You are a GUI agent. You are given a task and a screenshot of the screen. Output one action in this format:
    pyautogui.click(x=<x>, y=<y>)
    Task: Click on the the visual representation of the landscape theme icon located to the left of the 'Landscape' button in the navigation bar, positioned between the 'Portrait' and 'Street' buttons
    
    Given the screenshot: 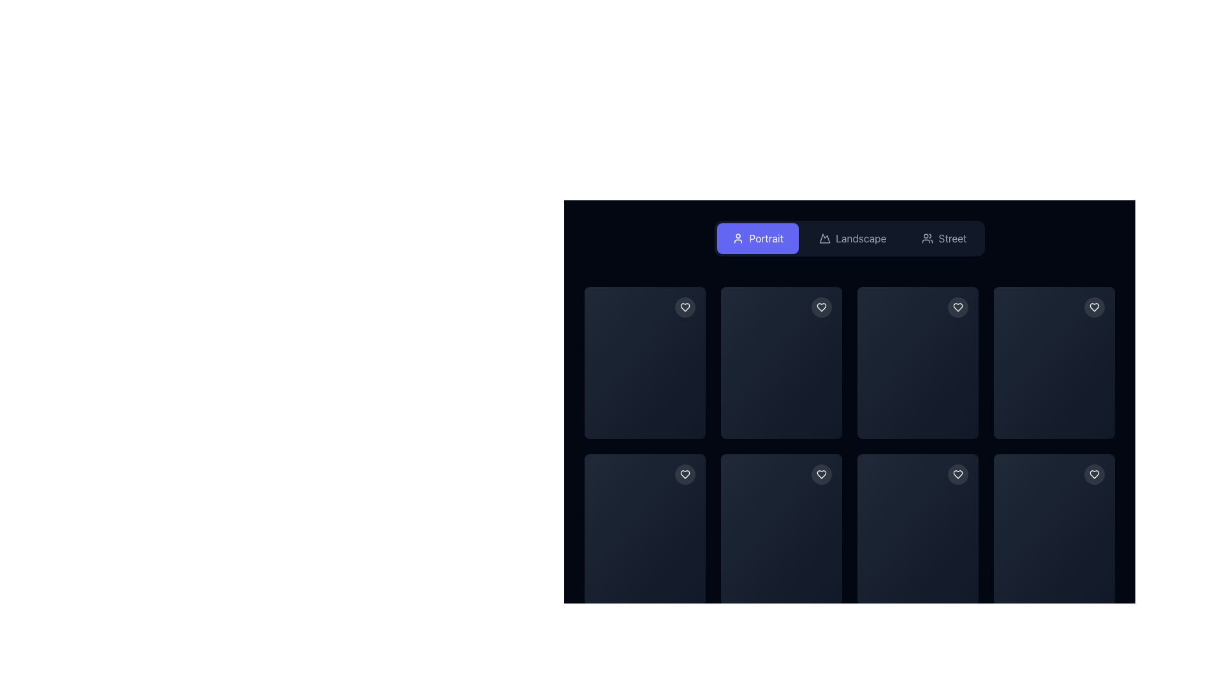 What is the action you would take?
    pyautogui.click(x=825, y=239)
    